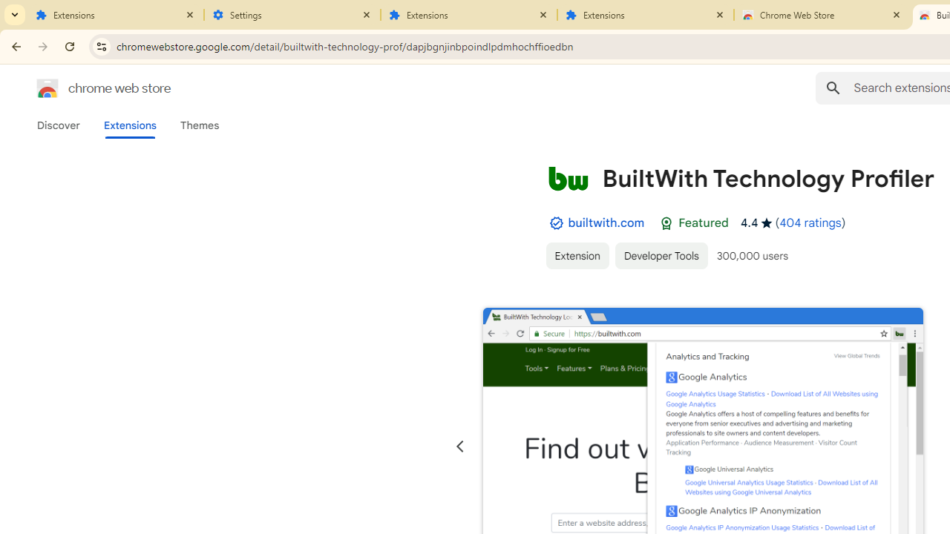  Describe the element at coordinates (567, 177) in the screenshot. I see `'Item logo image for BuiltWith Technology Profiler'` at that location.